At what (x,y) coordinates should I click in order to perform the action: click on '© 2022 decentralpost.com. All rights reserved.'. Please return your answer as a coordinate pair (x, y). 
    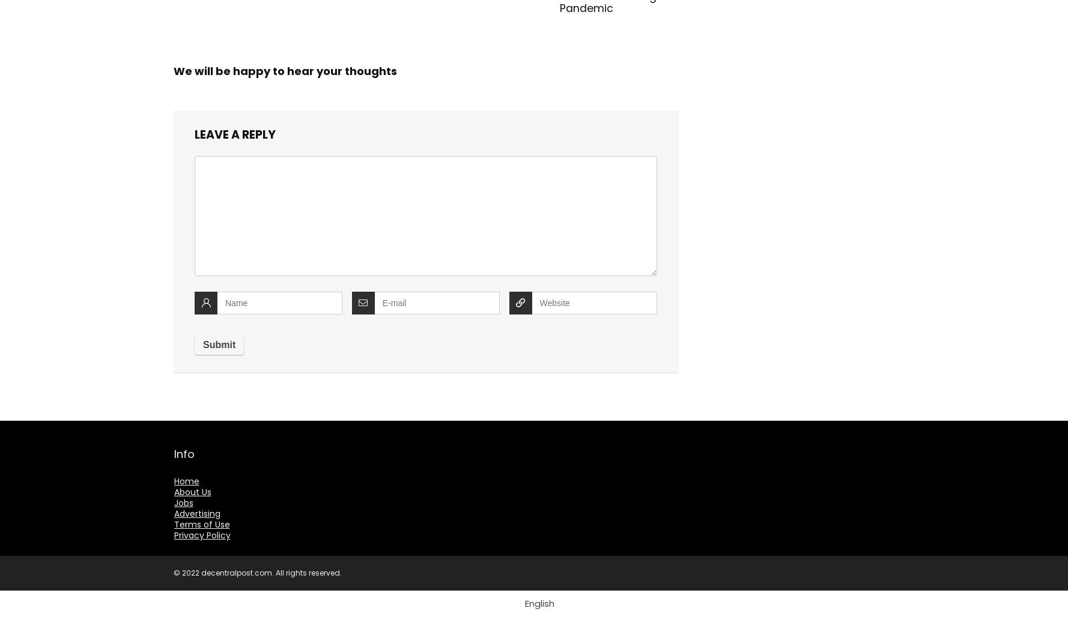
    Looking at the image, I should click on (258, 573).